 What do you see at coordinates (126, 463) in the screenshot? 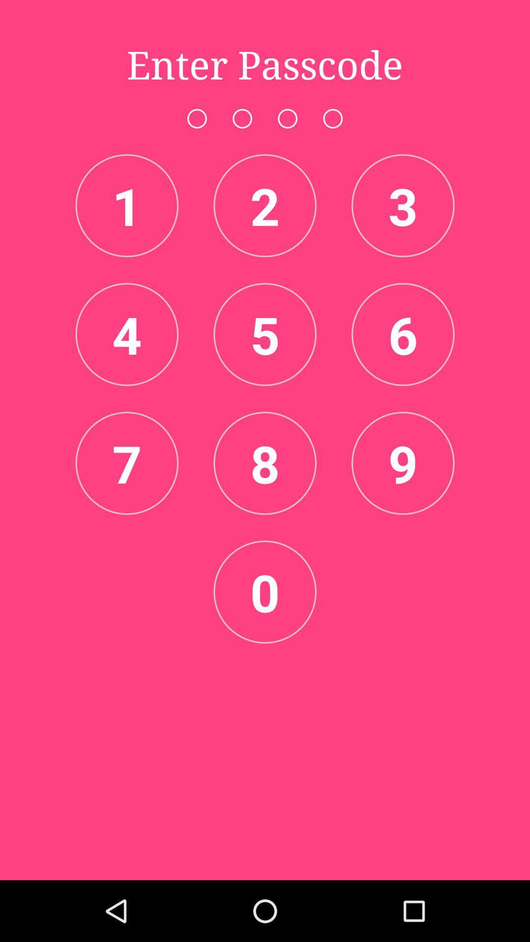
I see `the number 7` at bounding box center [126, 463].